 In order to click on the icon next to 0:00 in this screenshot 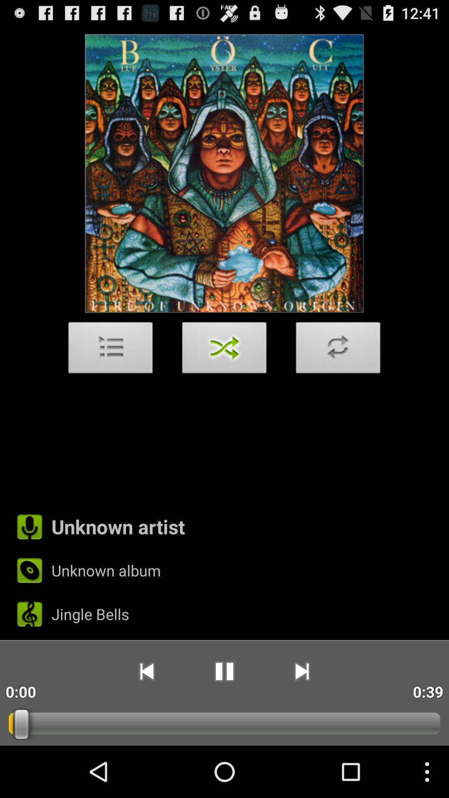, I will do `click(146, 671)`.